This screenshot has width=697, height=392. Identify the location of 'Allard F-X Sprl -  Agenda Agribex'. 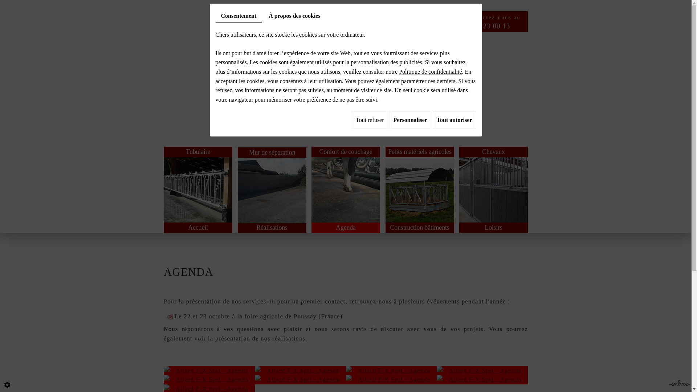
(209, 371).